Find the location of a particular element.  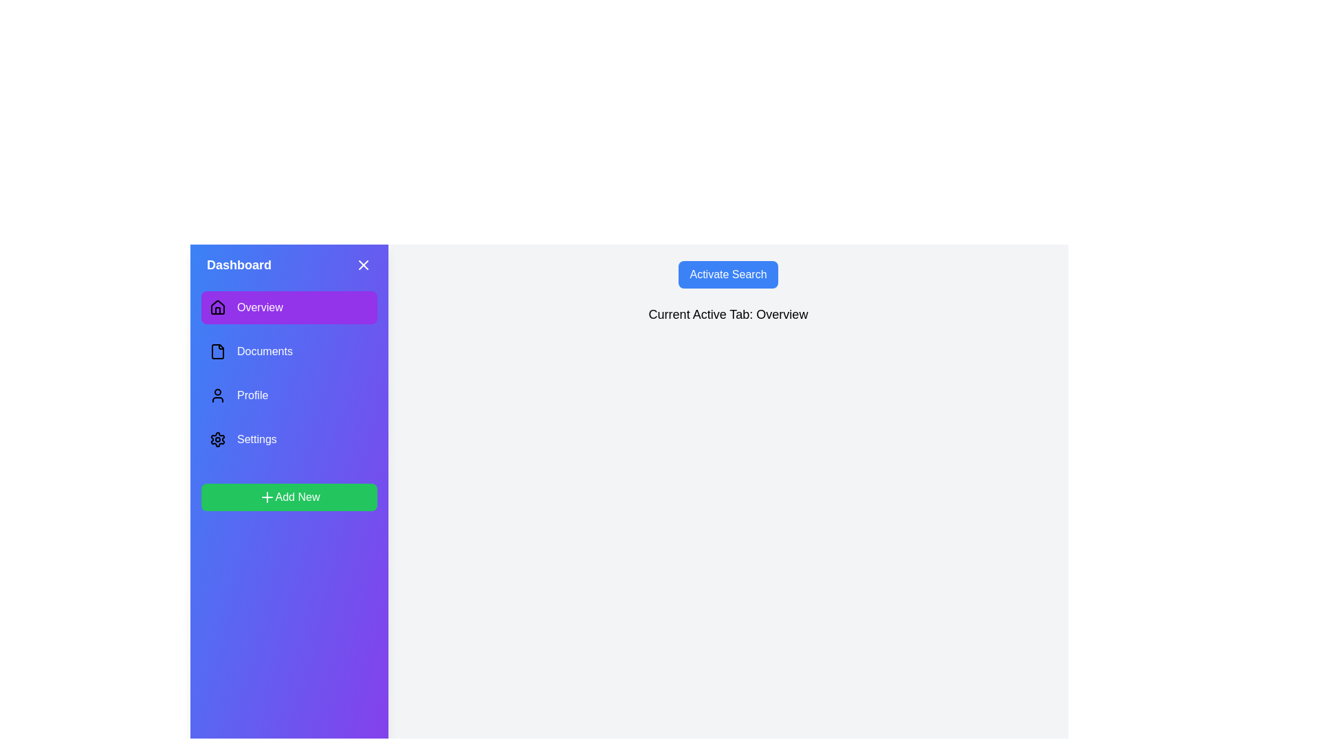

the 'Overview' button with a purple background, which is the first item in the sidebar is located at coordinates (289, 306).